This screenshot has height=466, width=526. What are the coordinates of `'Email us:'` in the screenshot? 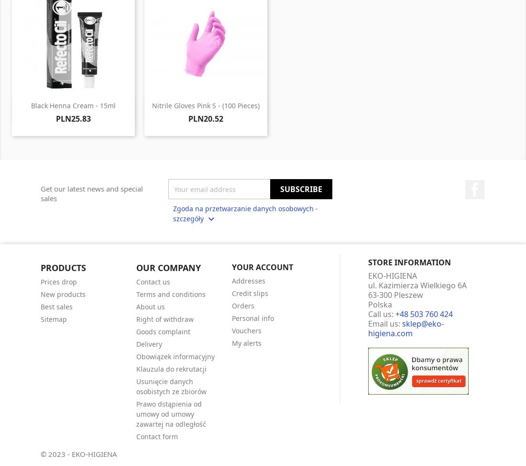 It's located at (385, 322).